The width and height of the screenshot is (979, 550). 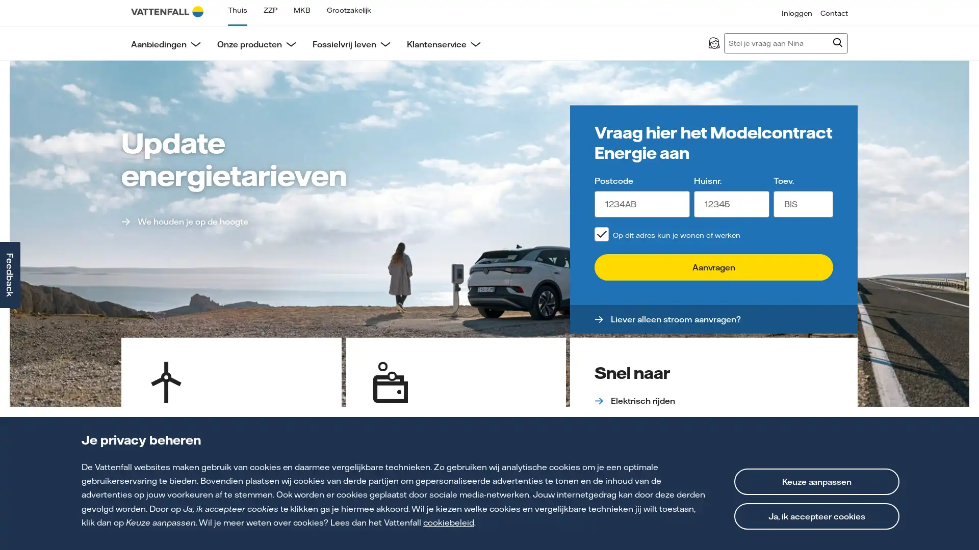 I want to click on Aanvragen, so click(x=713, y=266).